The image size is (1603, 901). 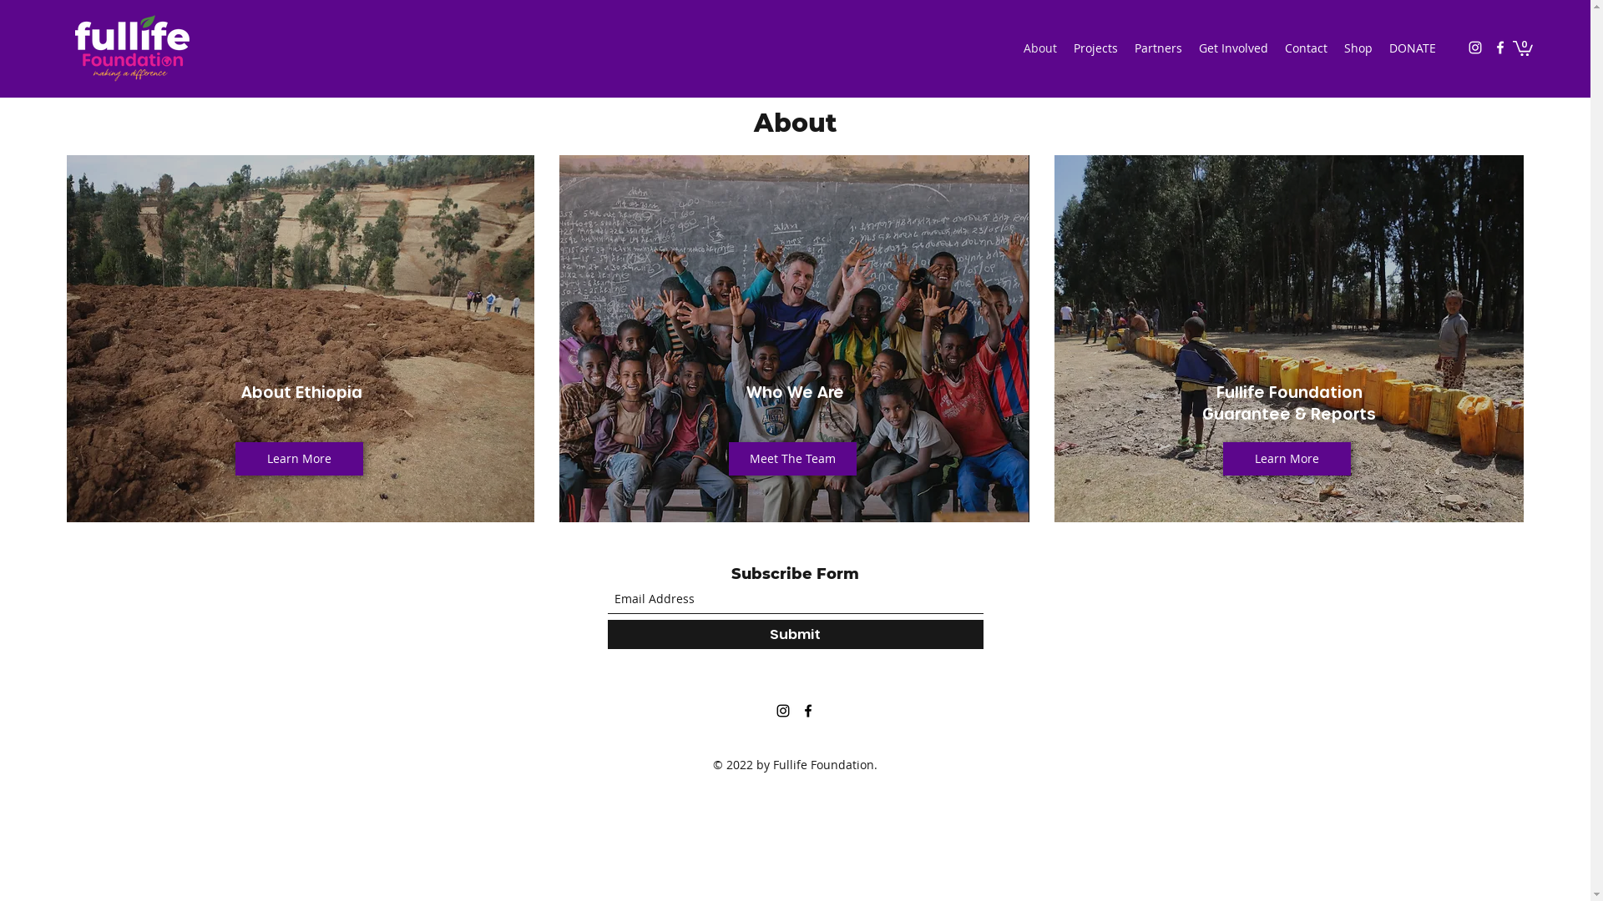 What do you see at coordinates (1305, 47) in the screenshot?
I see `'Contact'` at bounding box center [1305, 47].